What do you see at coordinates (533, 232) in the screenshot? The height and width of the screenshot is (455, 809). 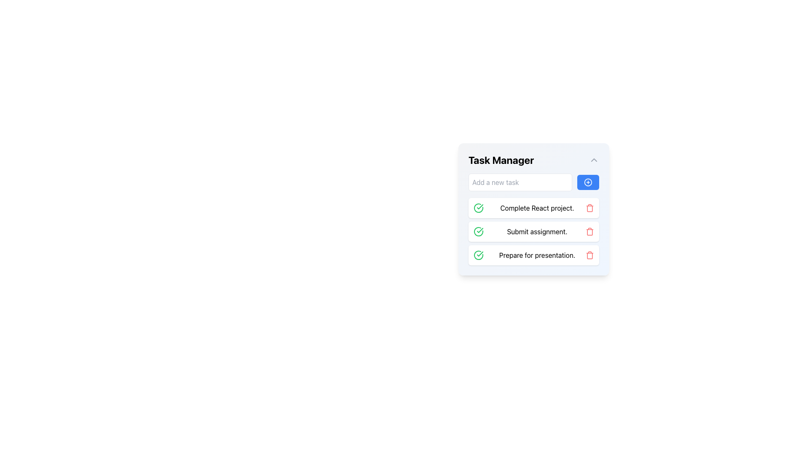 I see `the green check mark icon in the 'Submit assignment.' task component to mark the task as completed` at bounding box center [533, 232].